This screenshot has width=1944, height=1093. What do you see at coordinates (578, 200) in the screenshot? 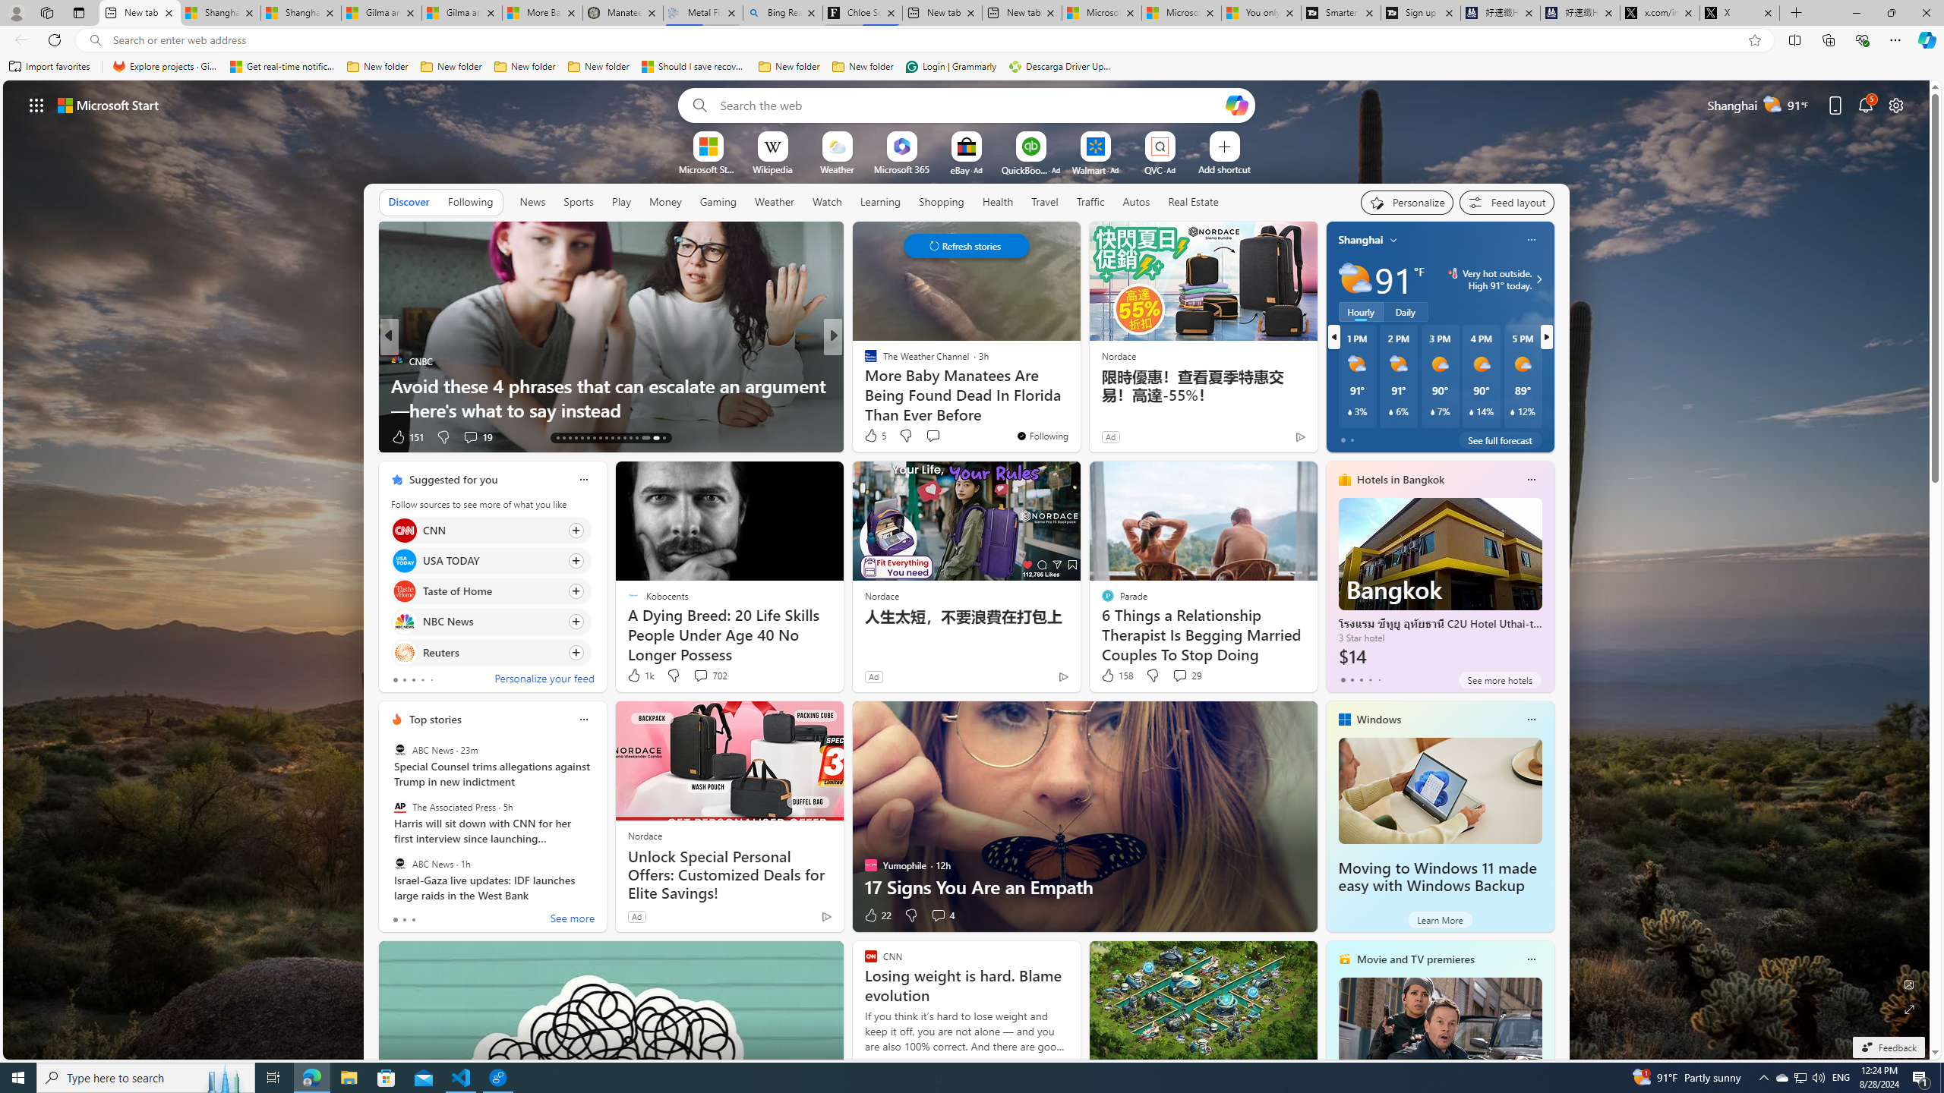
I see `'Sports'` at bounding box center [578, 200].